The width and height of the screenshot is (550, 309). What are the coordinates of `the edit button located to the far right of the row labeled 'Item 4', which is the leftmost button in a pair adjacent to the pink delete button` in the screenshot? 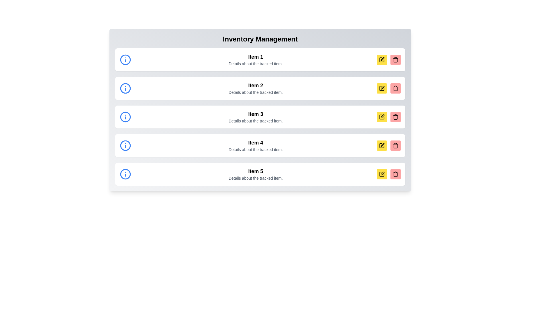 It's located at (382, 145).